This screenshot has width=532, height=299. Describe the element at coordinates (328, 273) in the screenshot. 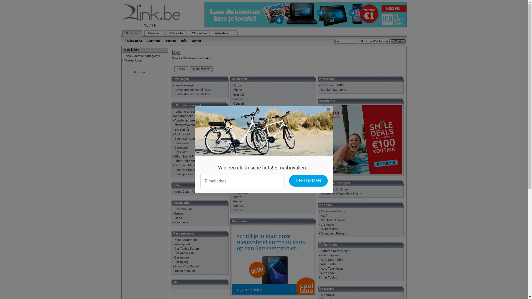

I see `'Auto-style'` at that location.